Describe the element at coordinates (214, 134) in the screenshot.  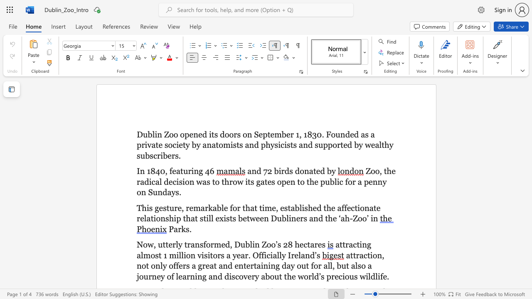
I see `the subset text "s doors on September 1, 1830. Founded as a private society by anatomi" within the text "Dublin Zoo opened its doors on September 1, 1830. Founded as a private society by anatomists and physicists and supported by wealthy subscribers."` at that location.